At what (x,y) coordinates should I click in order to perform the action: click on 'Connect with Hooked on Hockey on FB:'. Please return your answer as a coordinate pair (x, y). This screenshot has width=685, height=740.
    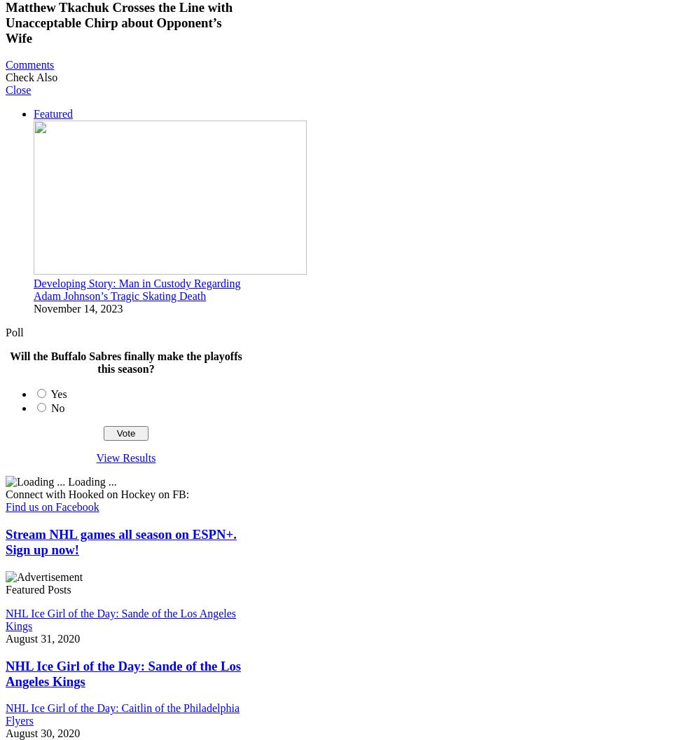
    Looking at the image, I should click on (97, 494).